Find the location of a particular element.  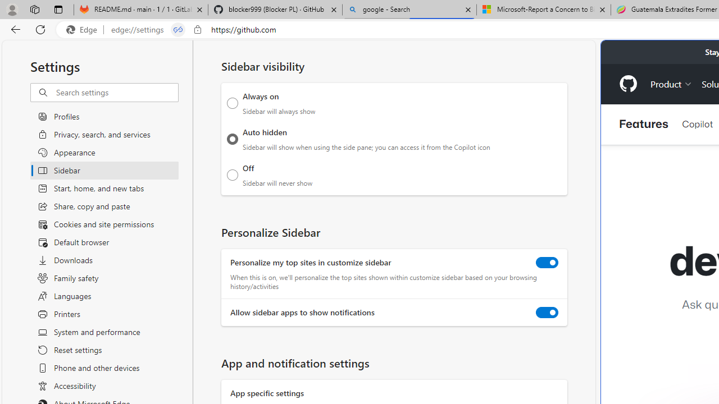

'Always on Sidebar will always show' is located at coordinates (232, 103).